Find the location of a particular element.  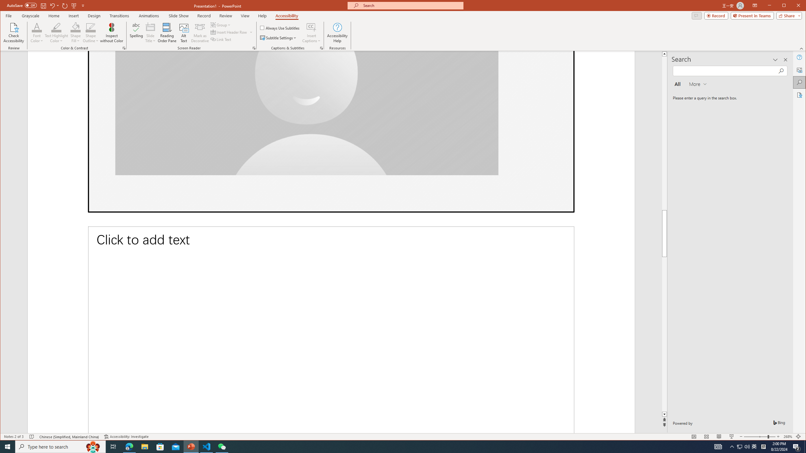

'Mark as Decorative' is located at coordinates (199, 32).